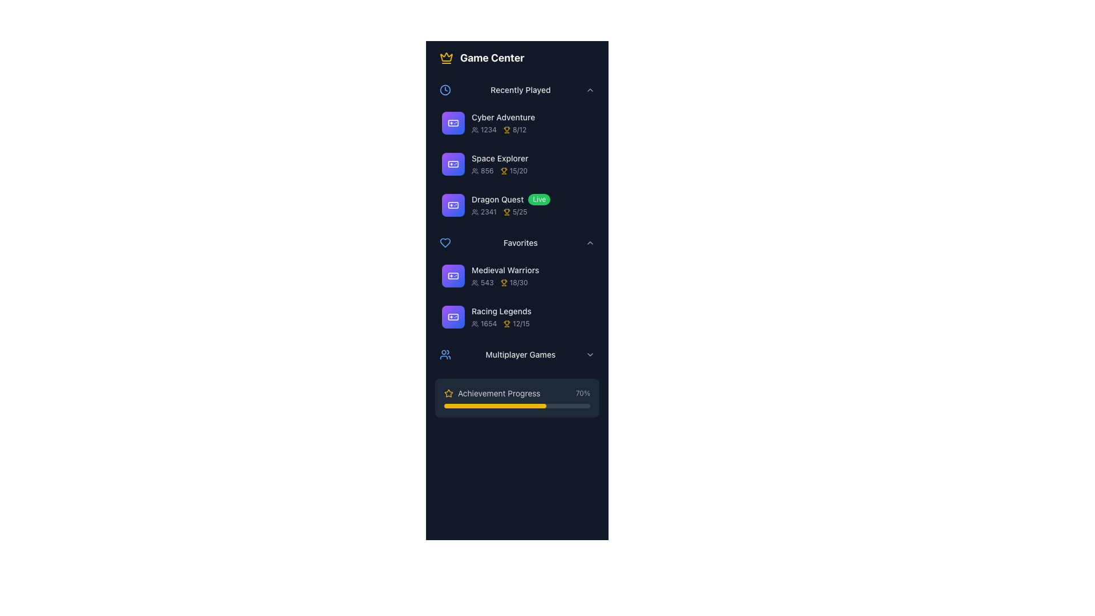  What do you see at coordinates (531, 199) in the screenshot?
I see `the label group with badge that displays the title 'Dragon Quest' and its status 'Live' in the third row of the 'Recently Played' section of the 'Game Center' interface` at bounding box center [531, 199].